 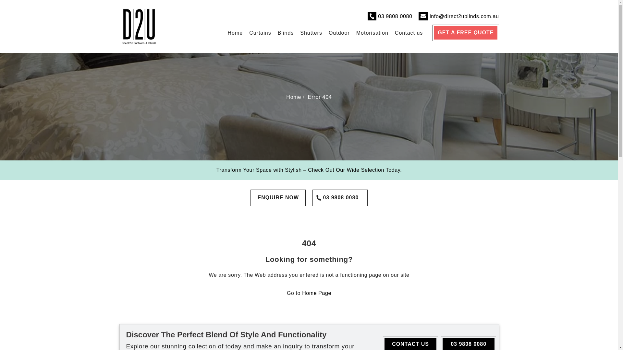 I want to click on 'Home', so click(x=293, y=97).